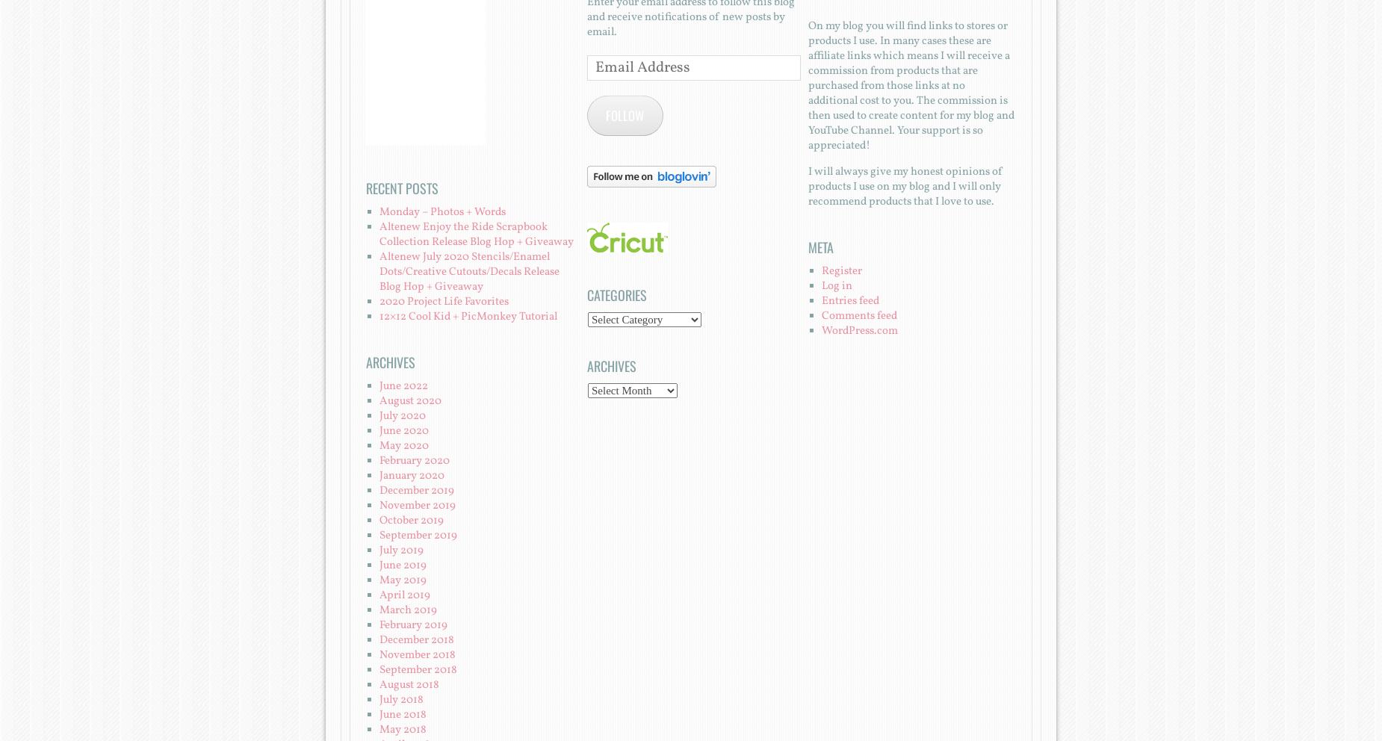  I want to click on 'On my blog you will find links to stores or products I use. In many cases these are affiliate links which means I will receive a commission from products that are purchased from those links at no additional cost to you. The commission is then used to create content for my blog and YouTube Channel. Your support is so appreciated!', so click(909, 84).